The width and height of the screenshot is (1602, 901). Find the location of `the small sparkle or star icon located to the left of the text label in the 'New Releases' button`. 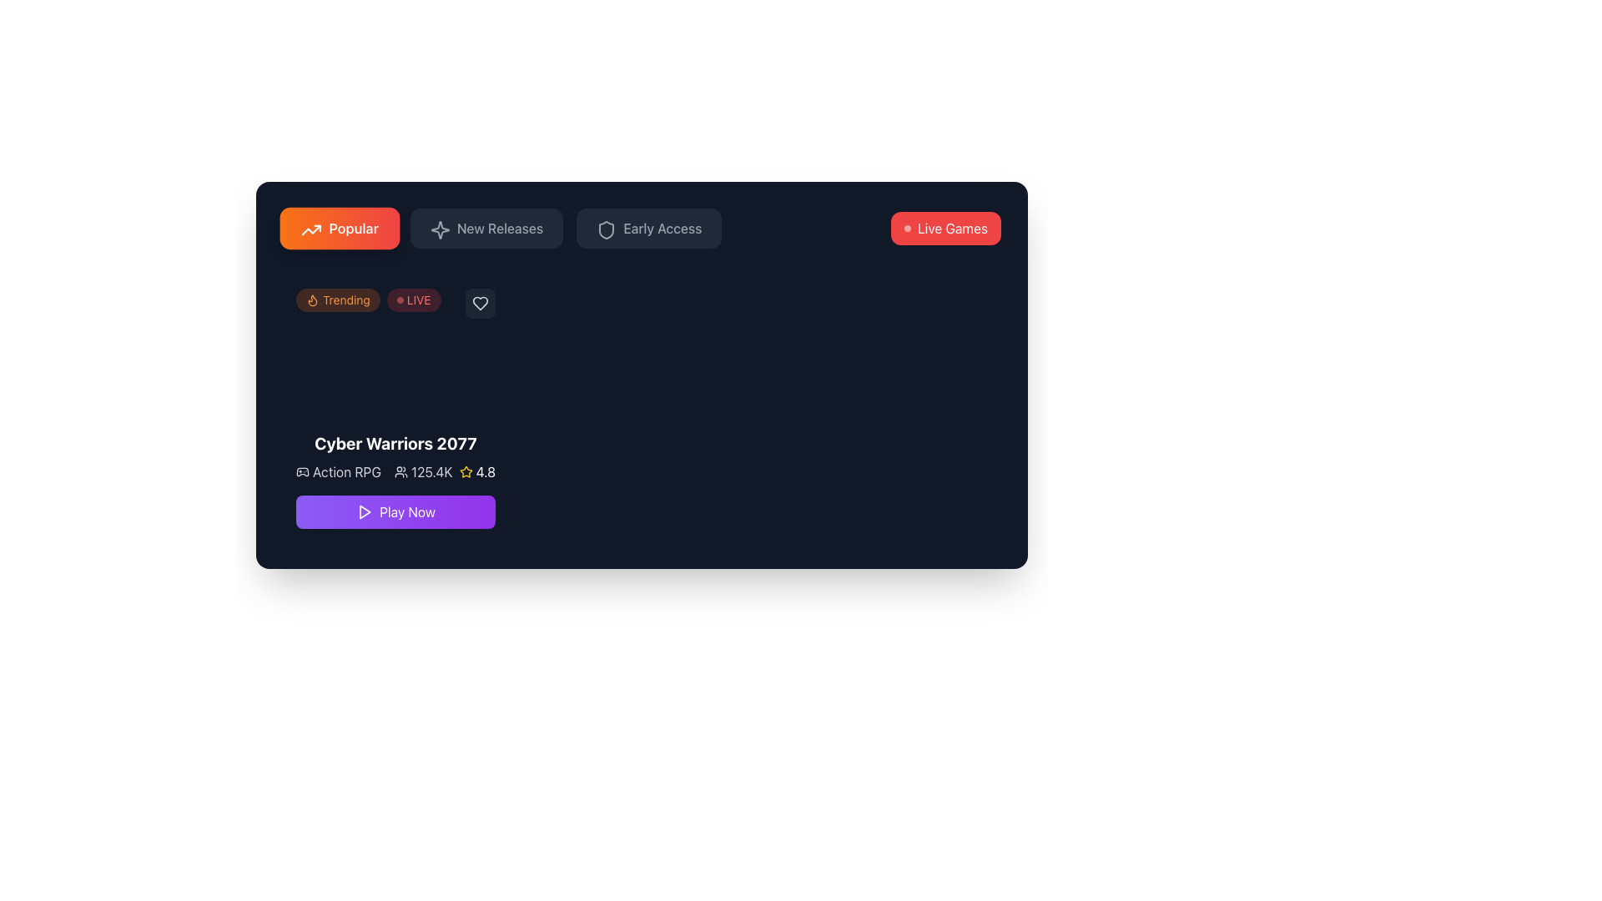

the small sparkle or star icon located to the left of the text label in the 'New Releases' button is located at coordinates (438, 228).